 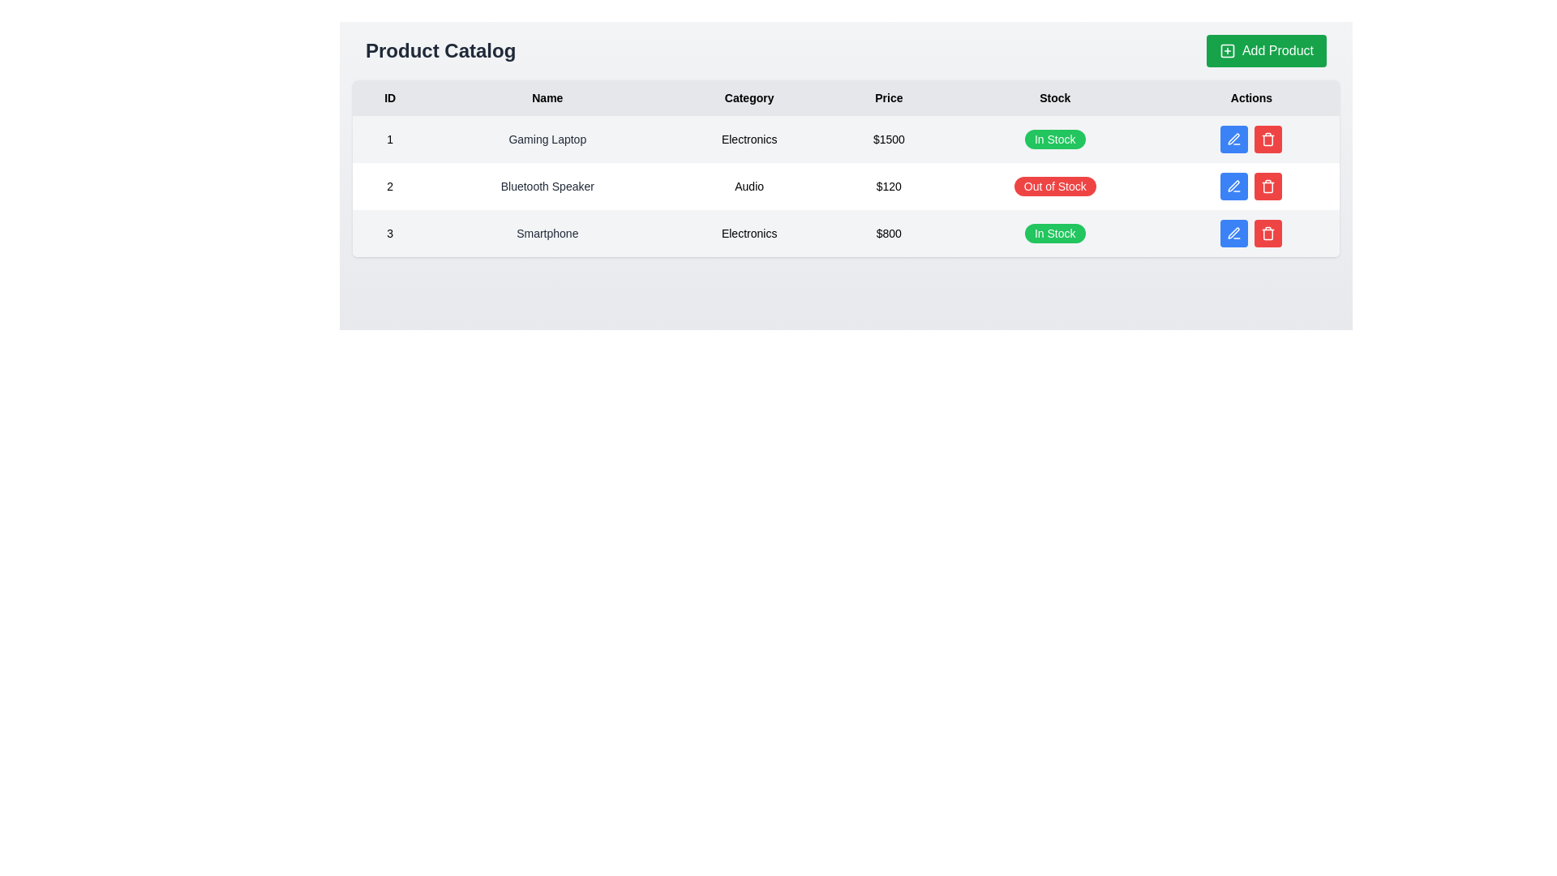 I want to click on the static text element displaying the product name in the third row of the product catalog table, located under the 'Name' column, so click(x=547, y=234).